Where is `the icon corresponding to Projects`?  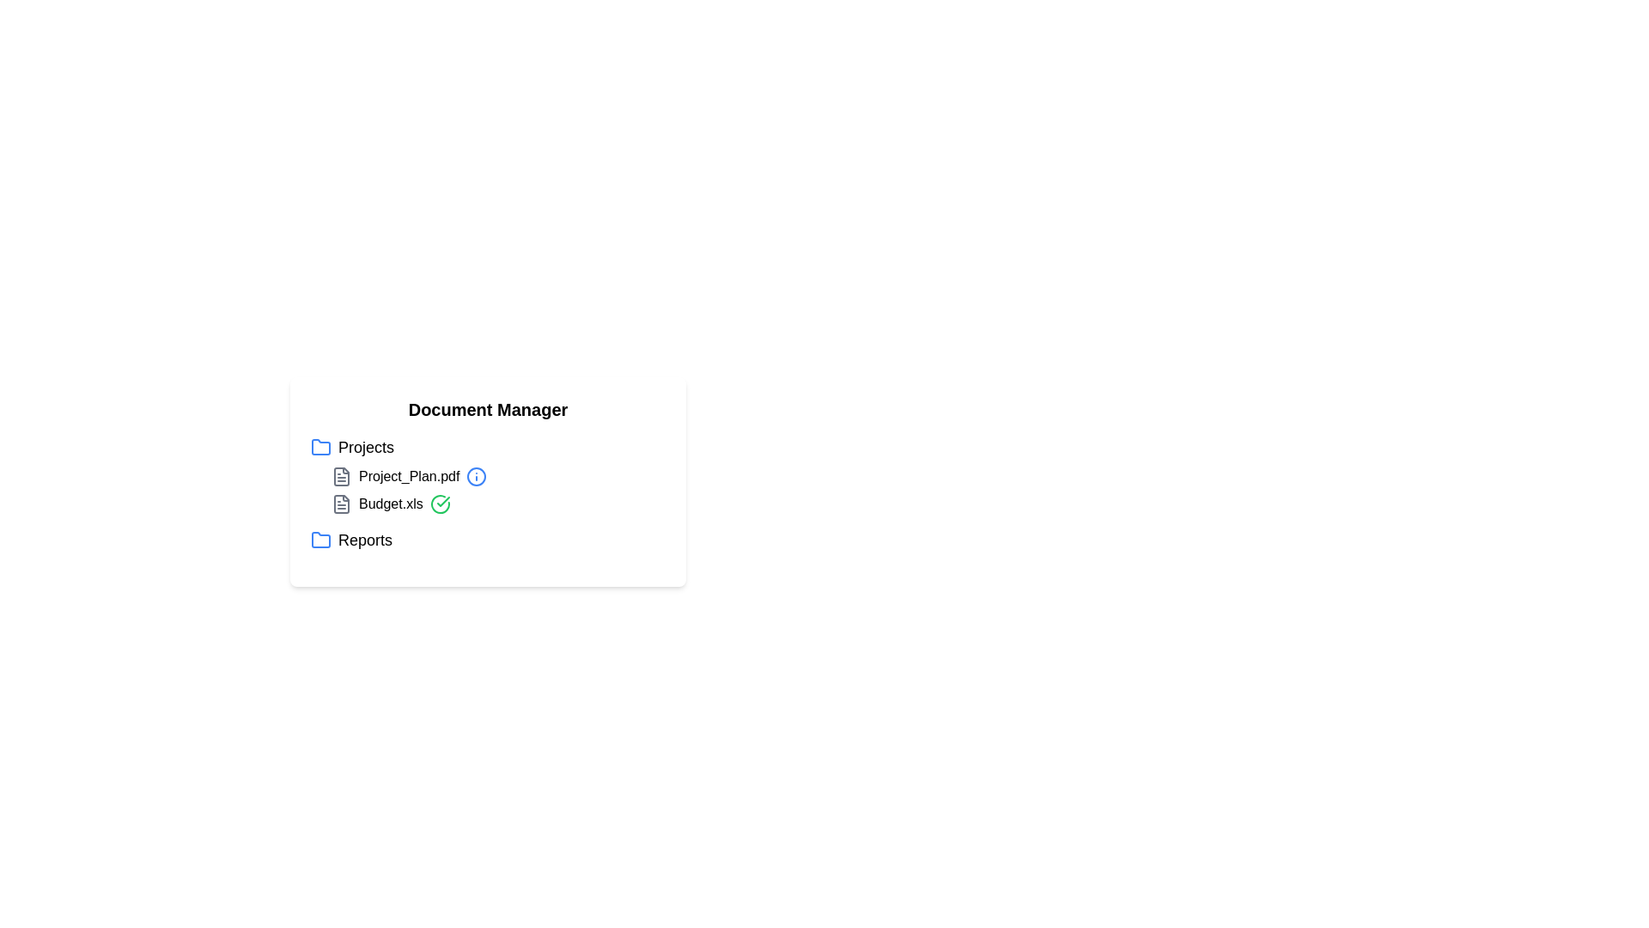
the icon corresponding to Projects is located at coordinates (321, 446).